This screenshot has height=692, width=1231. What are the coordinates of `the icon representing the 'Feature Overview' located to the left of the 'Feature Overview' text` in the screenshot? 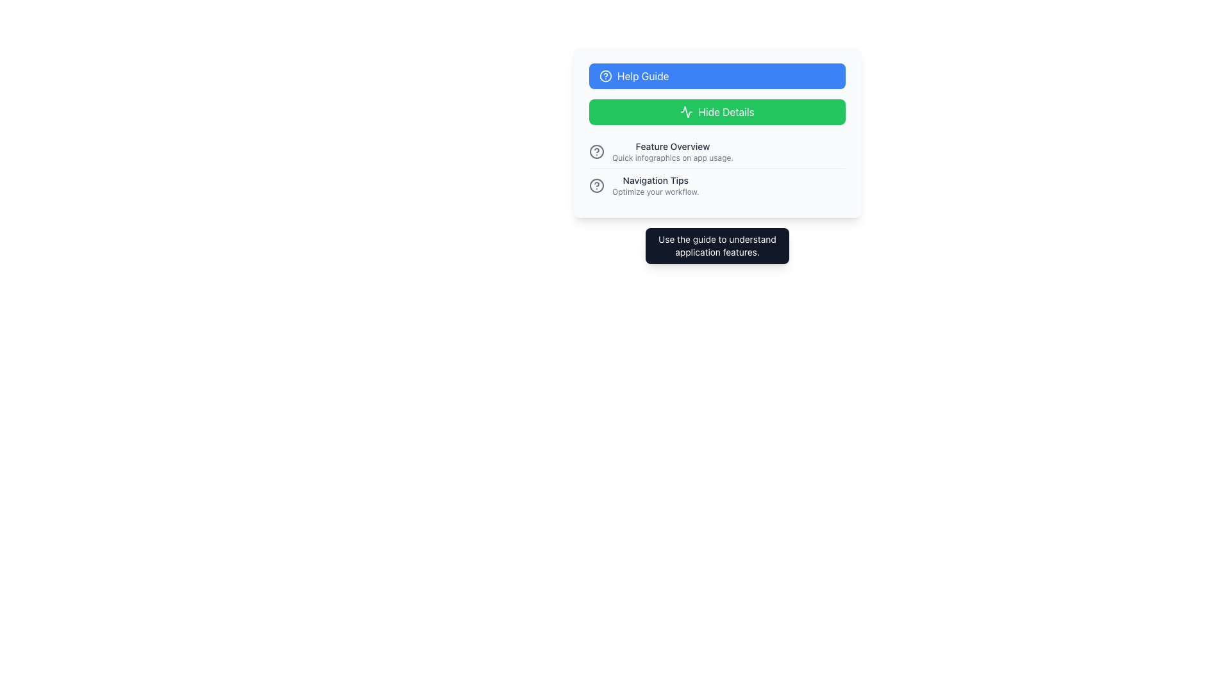 It's located at (596, 151).